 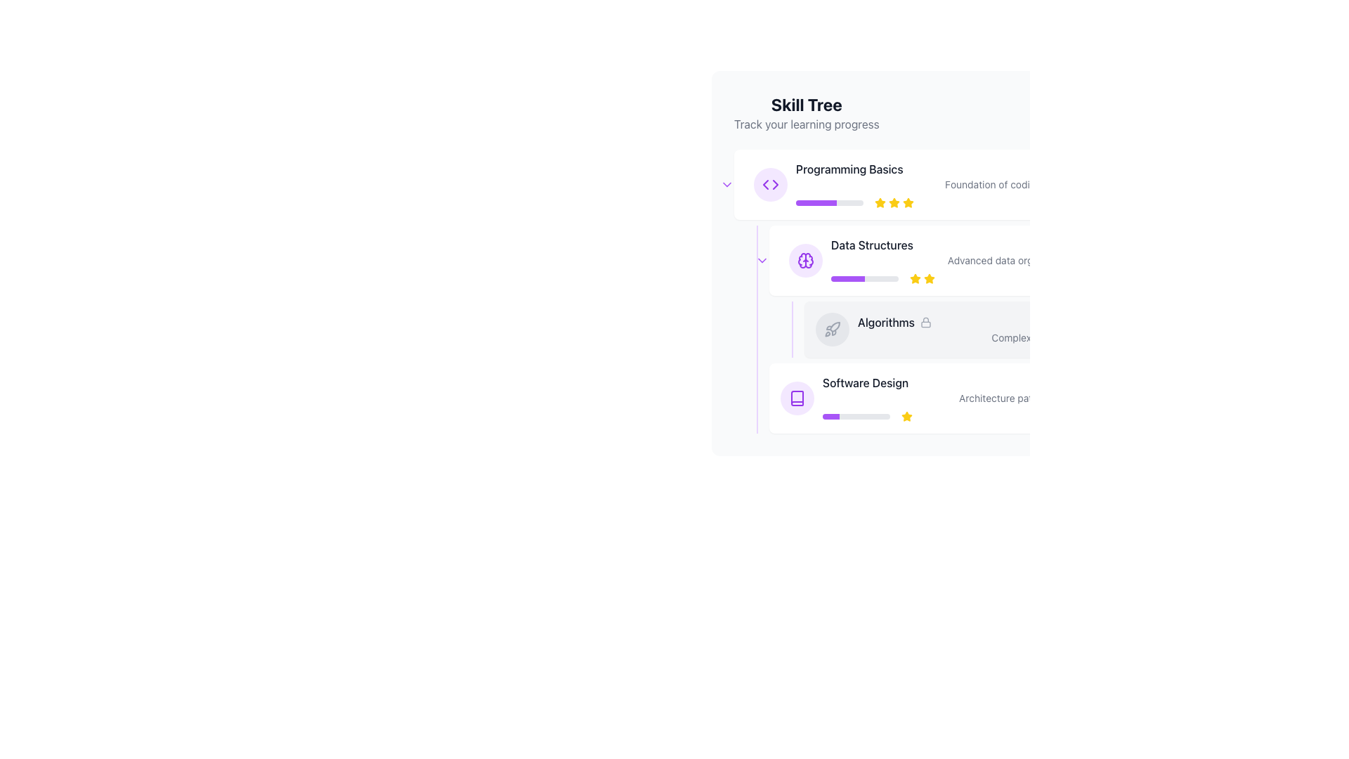 What do you see at coordinates (915, 278) in the screenshot?
I see `the star icon at the end of the progress bar in the 'Data Structures' section of the skill tree to interact with its rating or completion function` at bounding box center [915, 278].